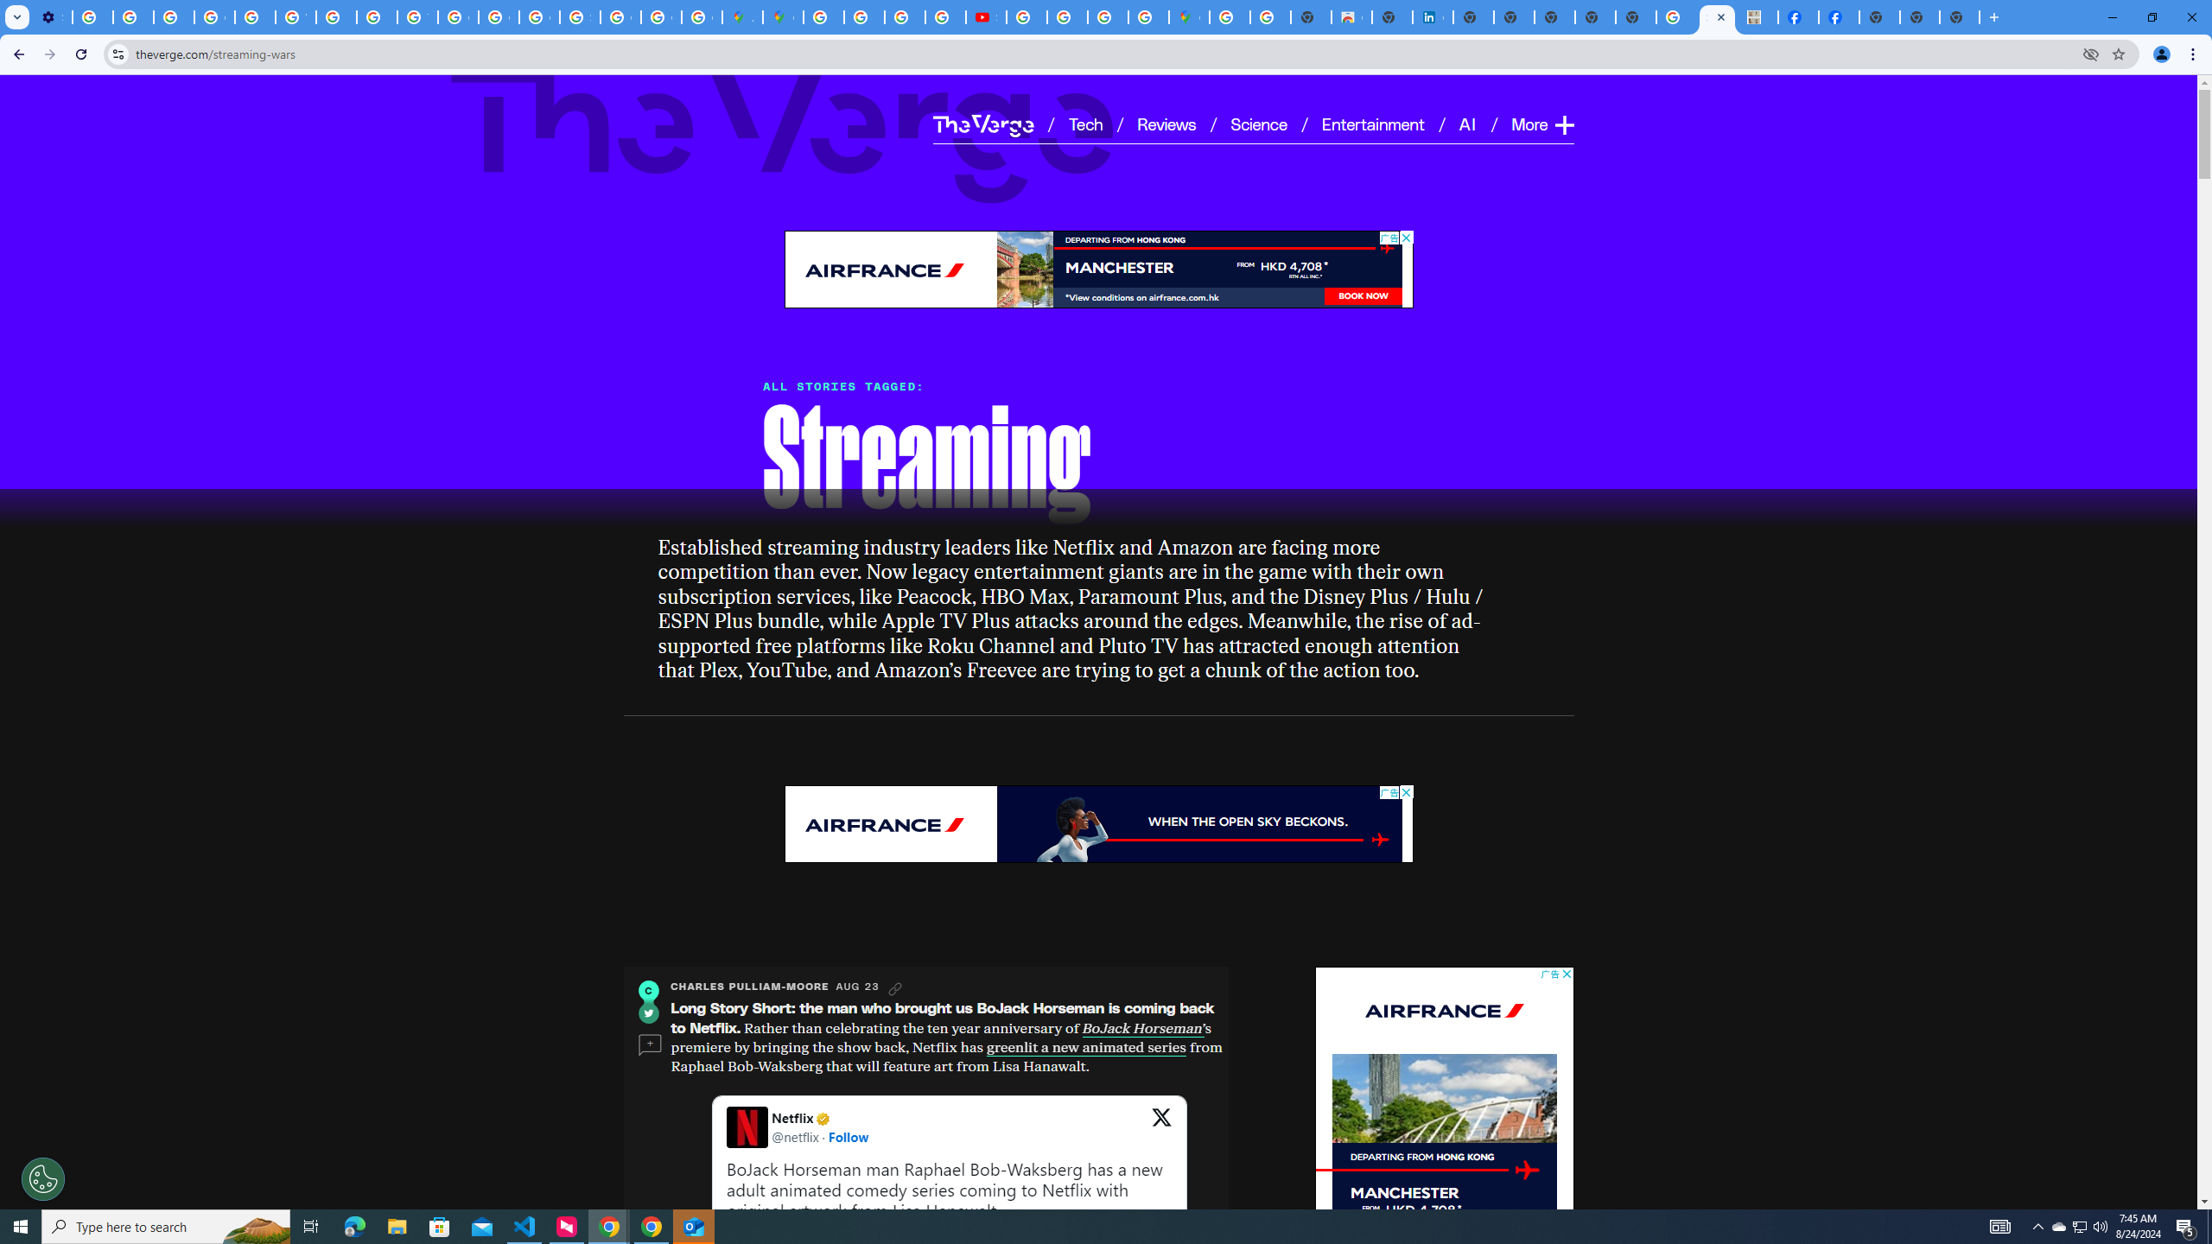  Describe the element at coordinates (1468, 123) in the screenshot. I see `'AI'` at that location.